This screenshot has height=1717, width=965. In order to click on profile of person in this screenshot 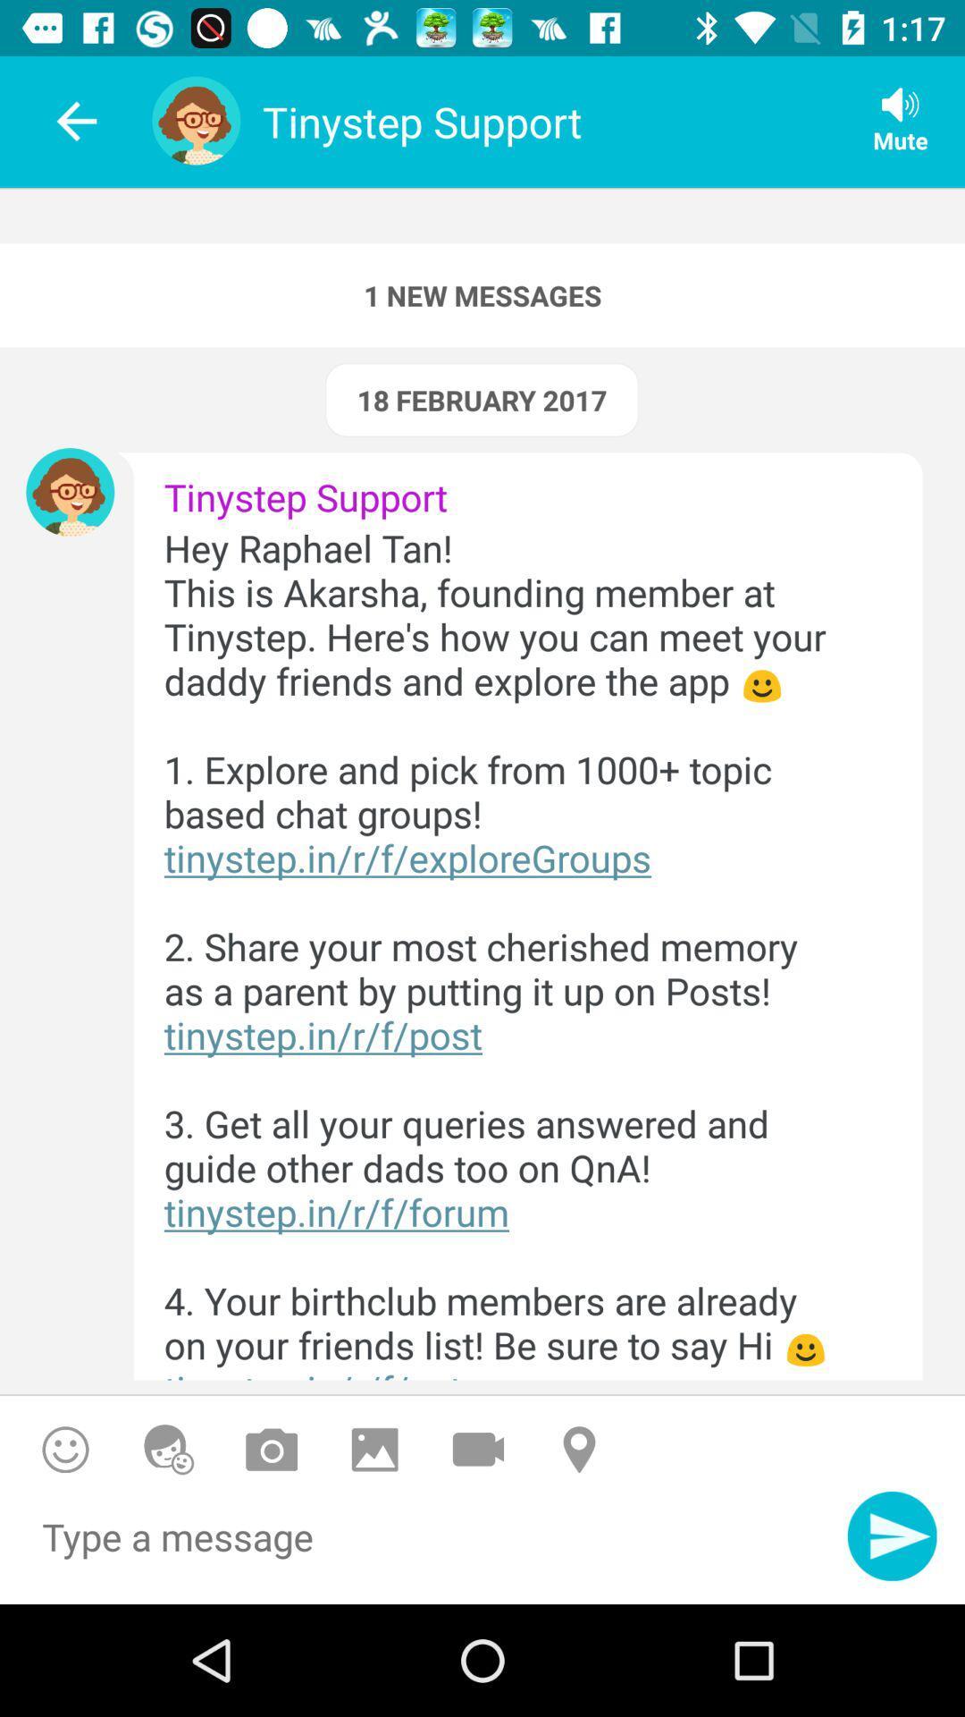, I will do `click(69, 492)`.